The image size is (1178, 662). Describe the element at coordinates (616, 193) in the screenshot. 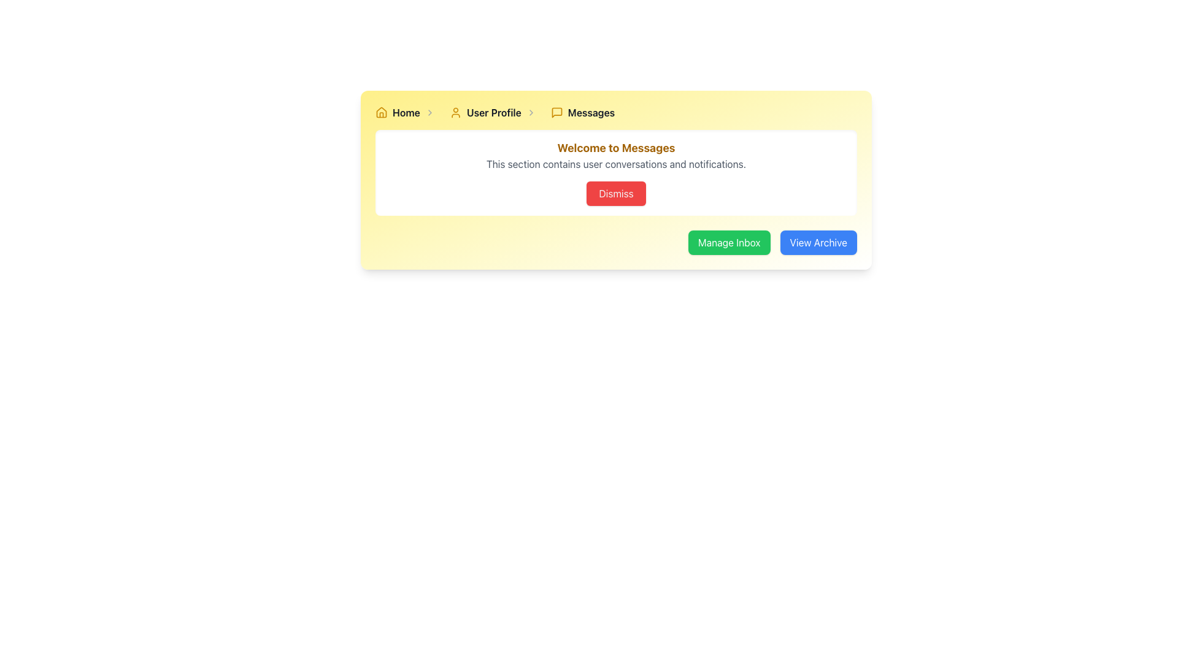

I see `the dismiss button that allows the user to dismiss a message or notification, which is the first button in a horizontally arranged group of buttons` at that location.